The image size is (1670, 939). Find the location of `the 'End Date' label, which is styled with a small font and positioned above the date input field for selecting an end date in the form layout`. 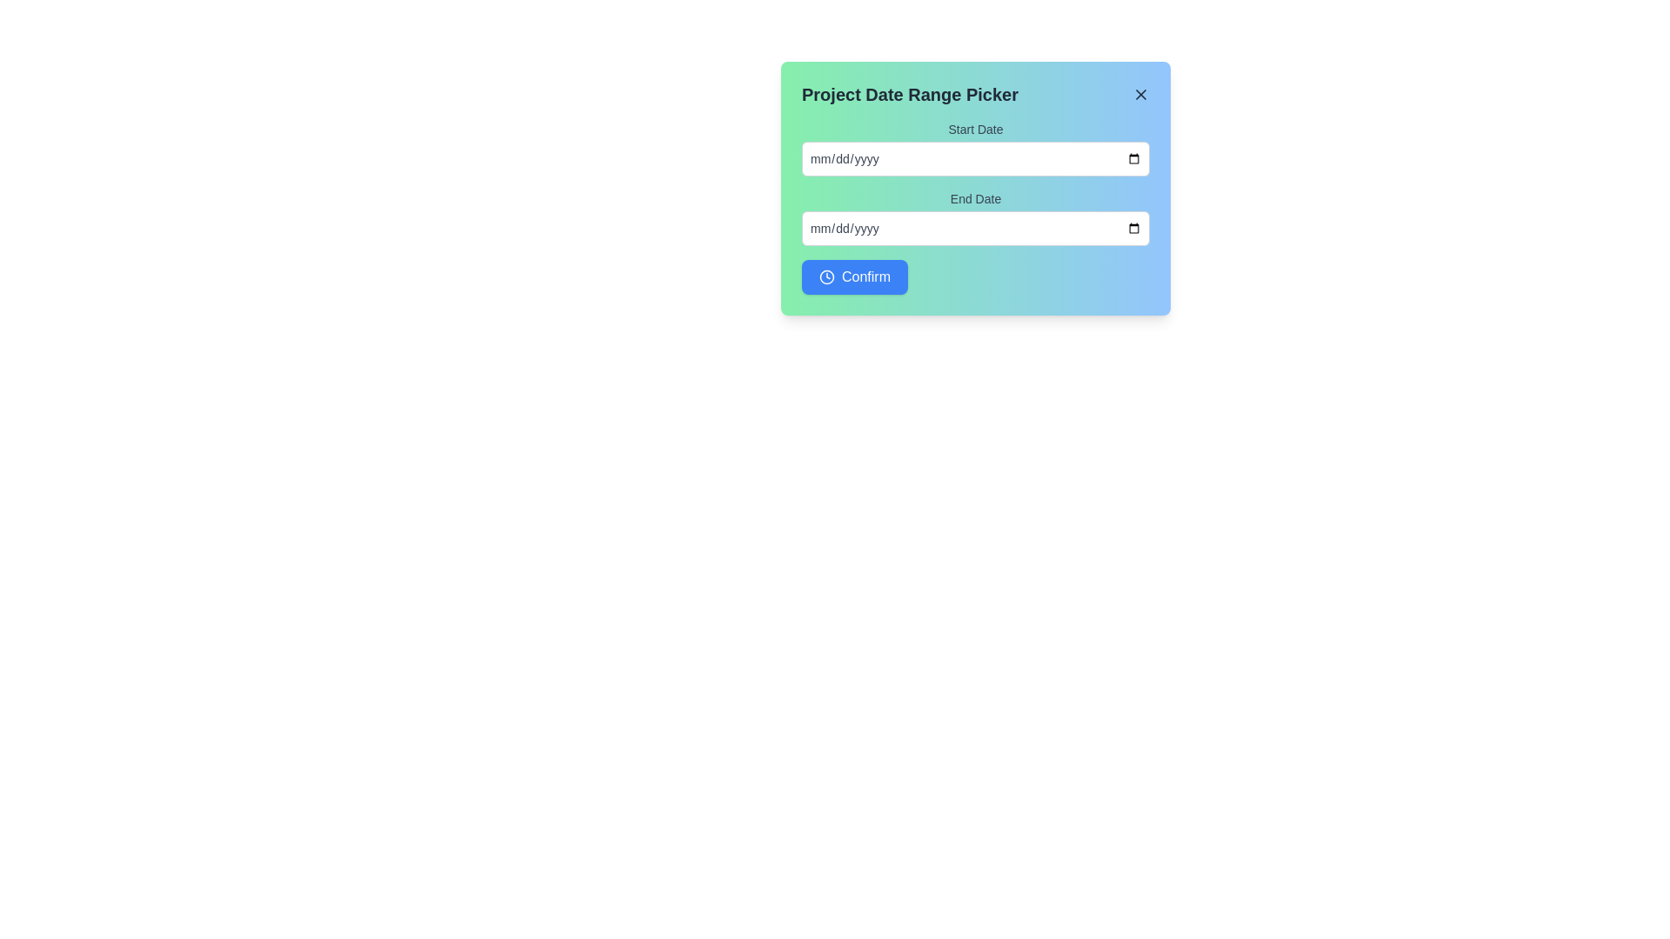

the 'End Date' label, which is styled with a small font and positioned above the date input field for selecting an end date in the form layout is located at coordinates (976, 216).